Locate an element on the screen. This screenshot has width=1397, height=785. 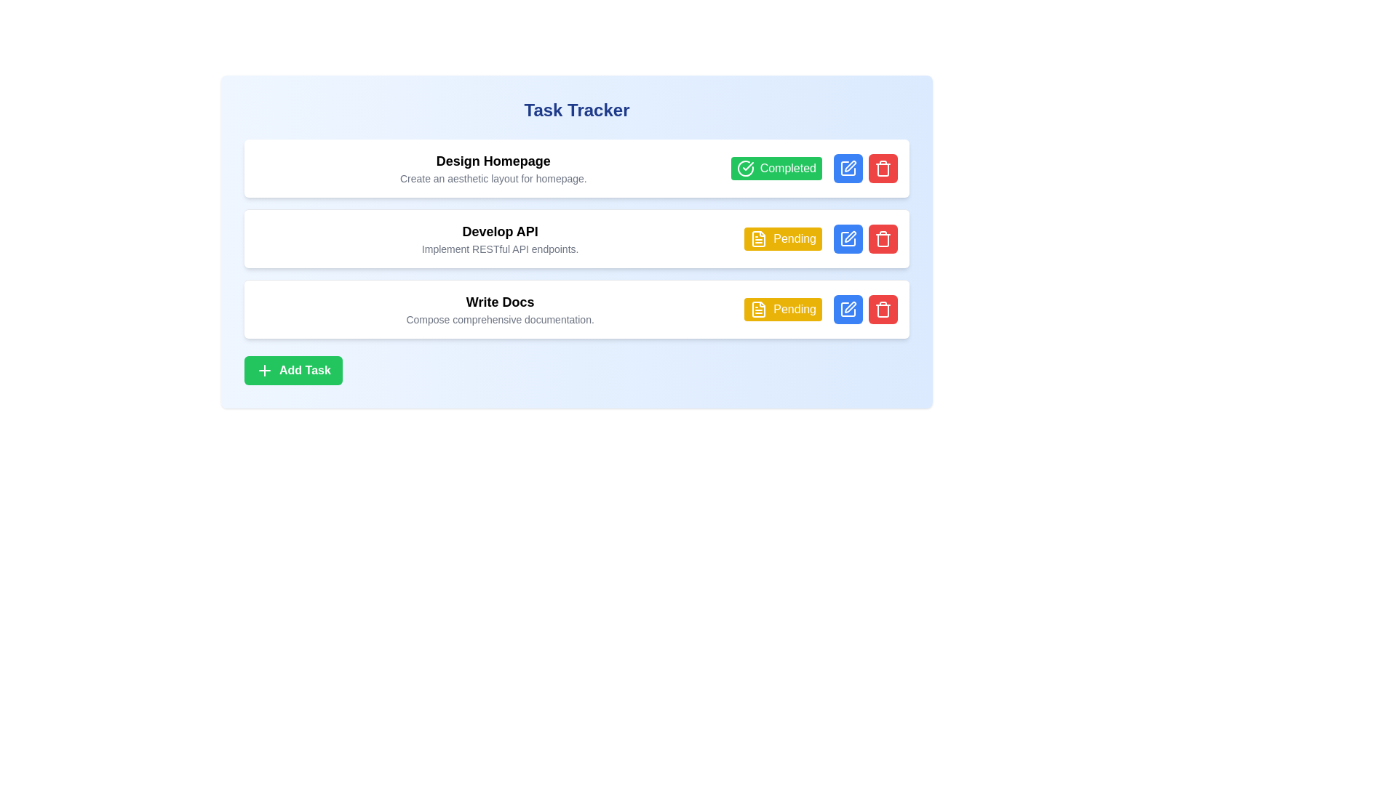
the document icon with a yellow background representing 'Pending' status in the 'Develop API' row of the task list is located at coordinates (758, 238).